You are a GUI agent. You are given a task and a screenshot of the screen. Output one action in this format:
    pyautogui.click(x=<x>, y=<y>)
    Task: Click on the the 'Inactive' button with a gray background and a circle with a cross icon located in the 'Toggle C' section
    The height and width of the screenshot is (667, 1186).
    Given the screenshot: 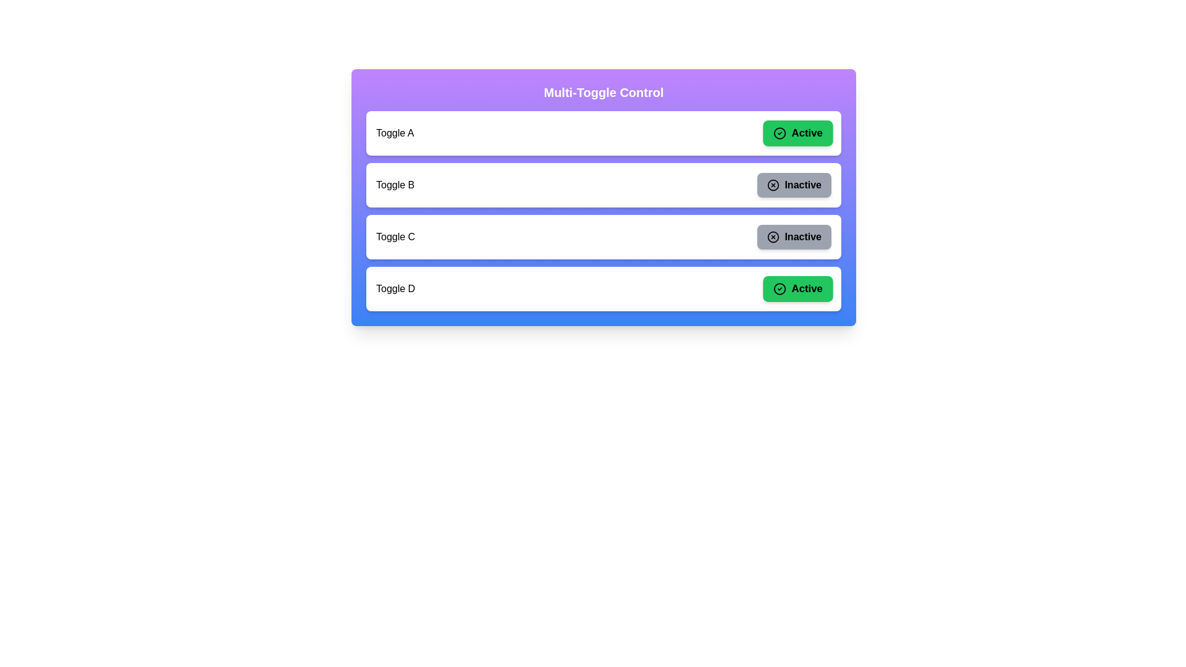 What is the action you would take?
    pyautogui.click(x=794, y=237)
    